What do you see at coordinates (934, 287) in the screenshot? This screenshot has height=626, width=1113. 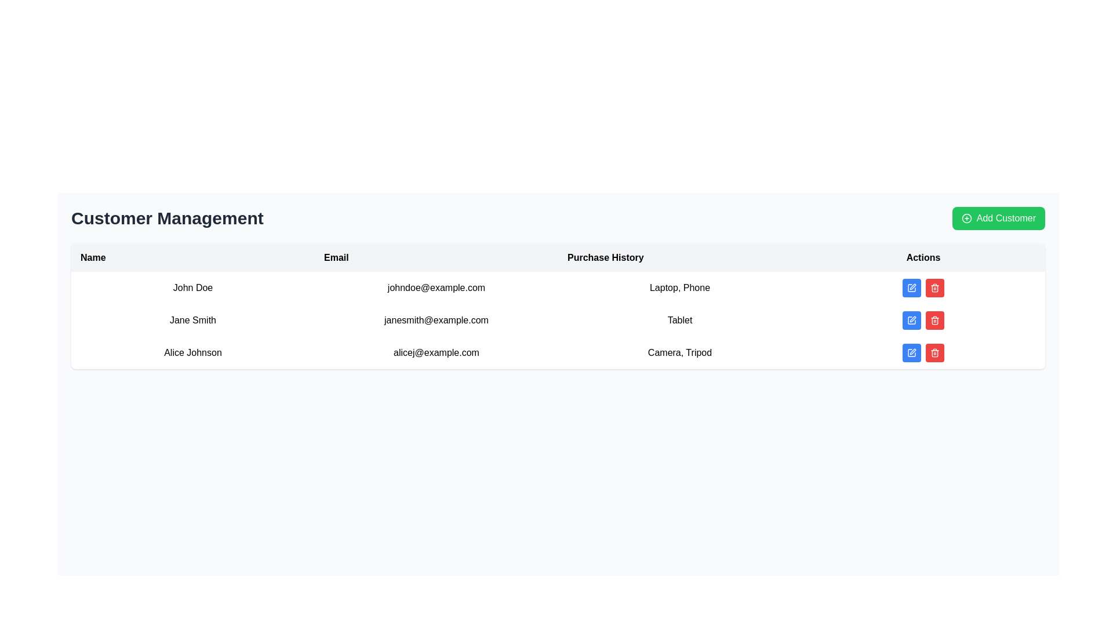 I see `the red rounded button with a trash icon located in the 'Actions' column of the customer management table` at bounding box center [934, 287].